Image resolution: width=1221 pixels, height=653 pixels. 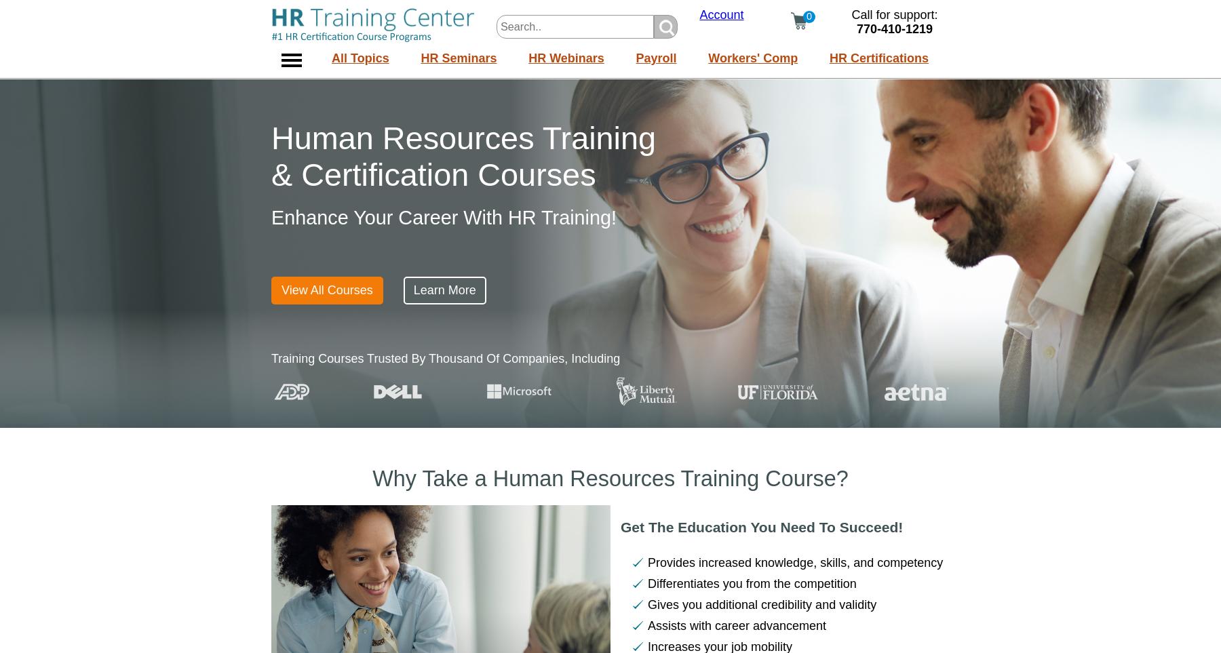 I want to click on 'Enhance Your Career With HR Training!', so click(x=444, y=217).